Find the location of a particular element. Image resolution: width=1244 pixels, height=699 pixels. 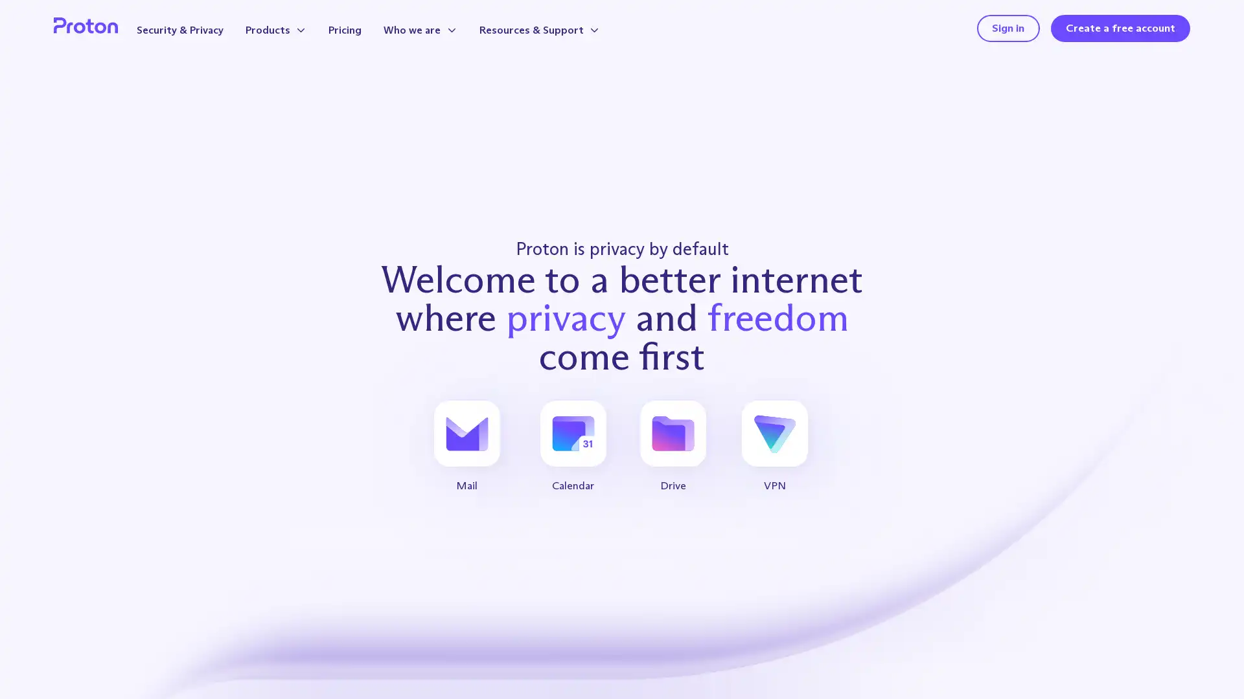

Who we are is located at coordinates (440, 33).